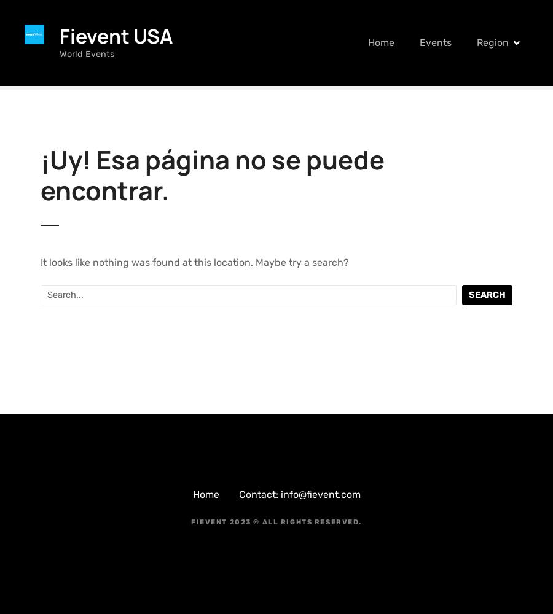  Describe the element at coordinates (487, 293) in the screenshot. I see `'Search'` at that location.